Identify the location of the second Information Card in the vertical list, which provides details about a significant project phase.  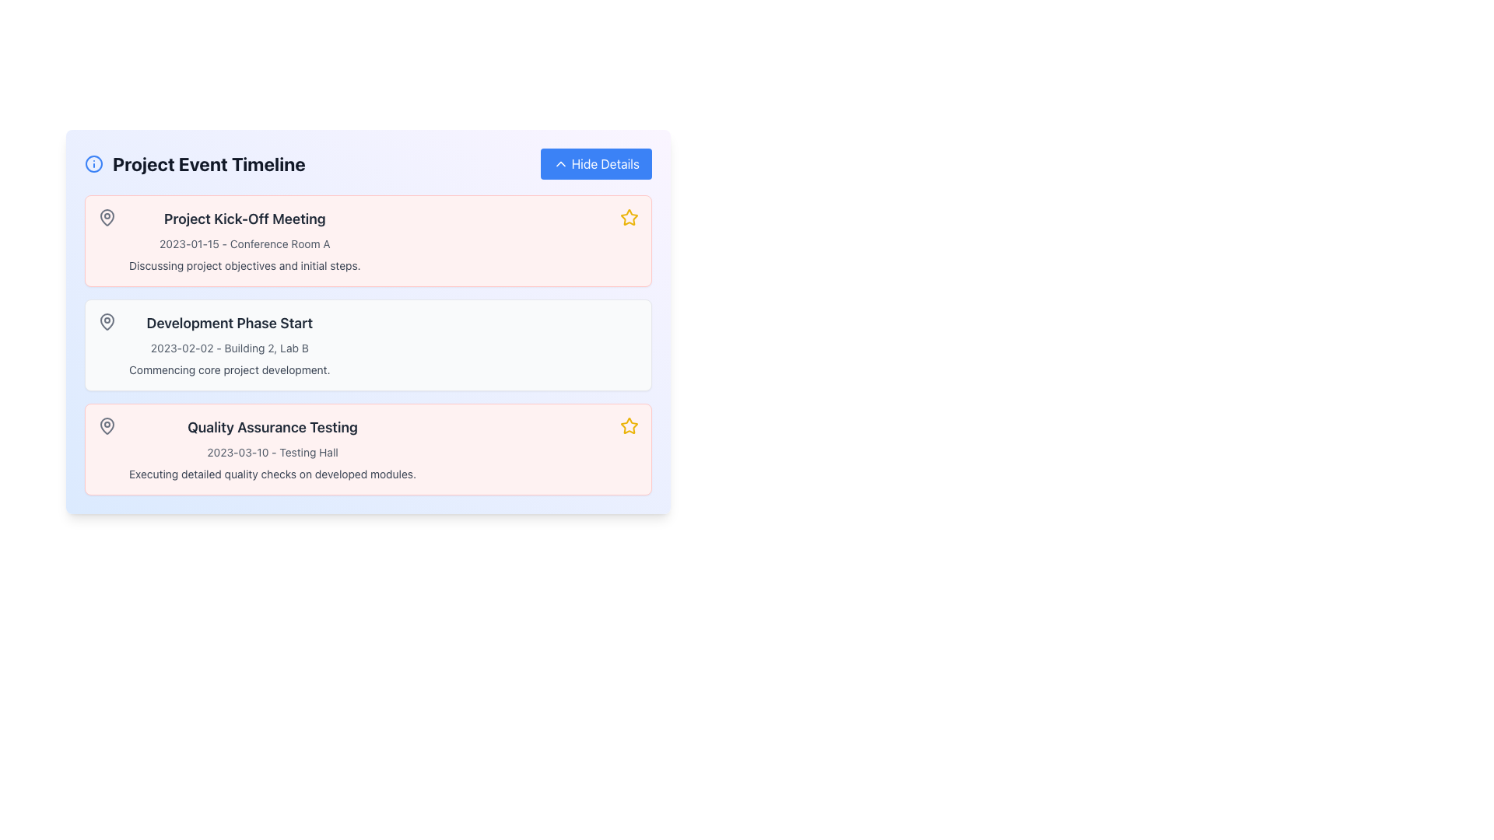
(367, 344).